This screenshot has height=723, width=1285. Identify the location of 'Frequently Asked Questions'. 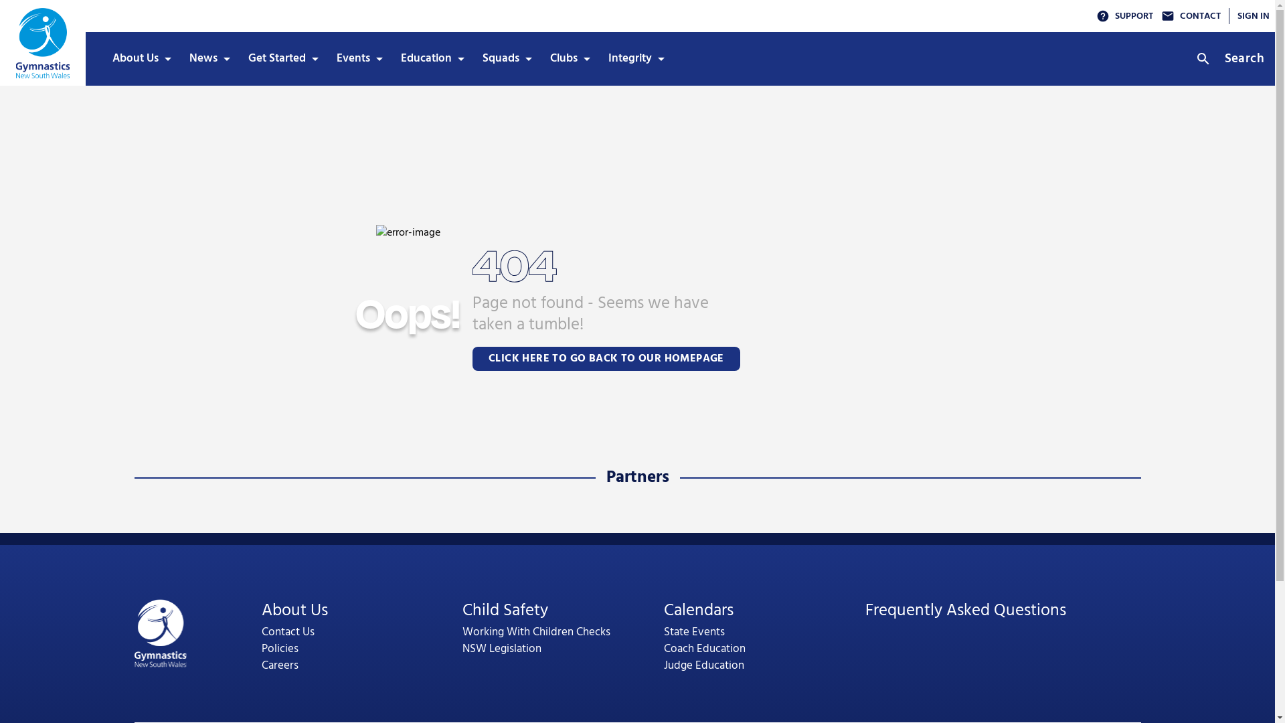
(966, 611).